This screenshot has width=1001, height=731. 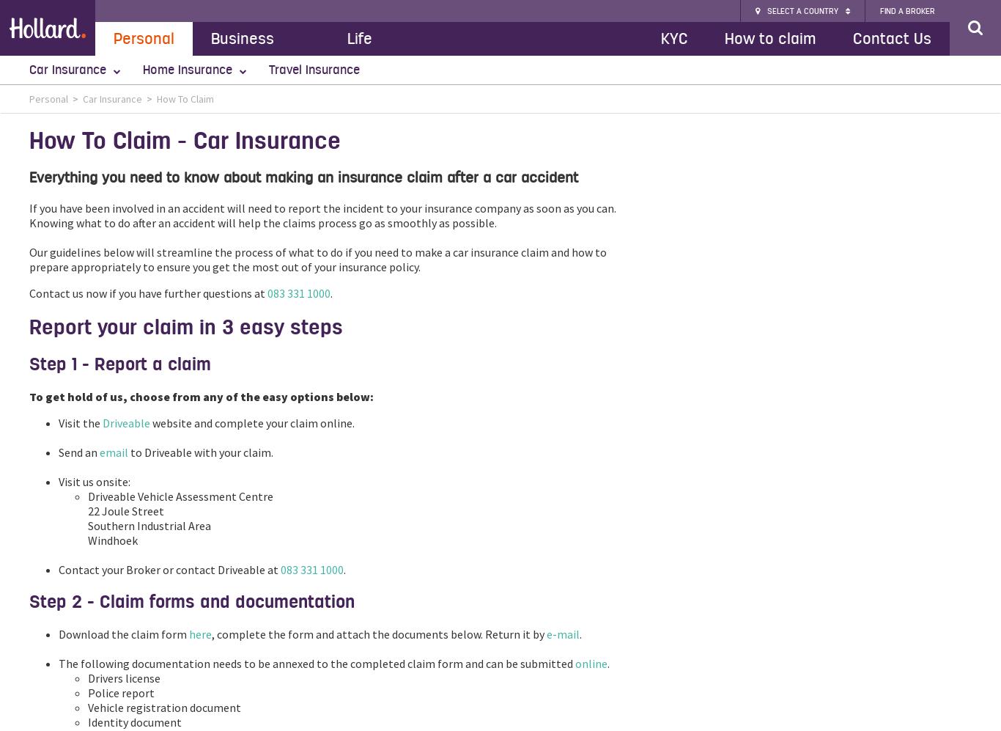 What do you see at coordinates (303, 177) in the screenshot?
I see `'Everything you need to know about making an insurance claim after a car accident'` at bounding box center [303, 177].